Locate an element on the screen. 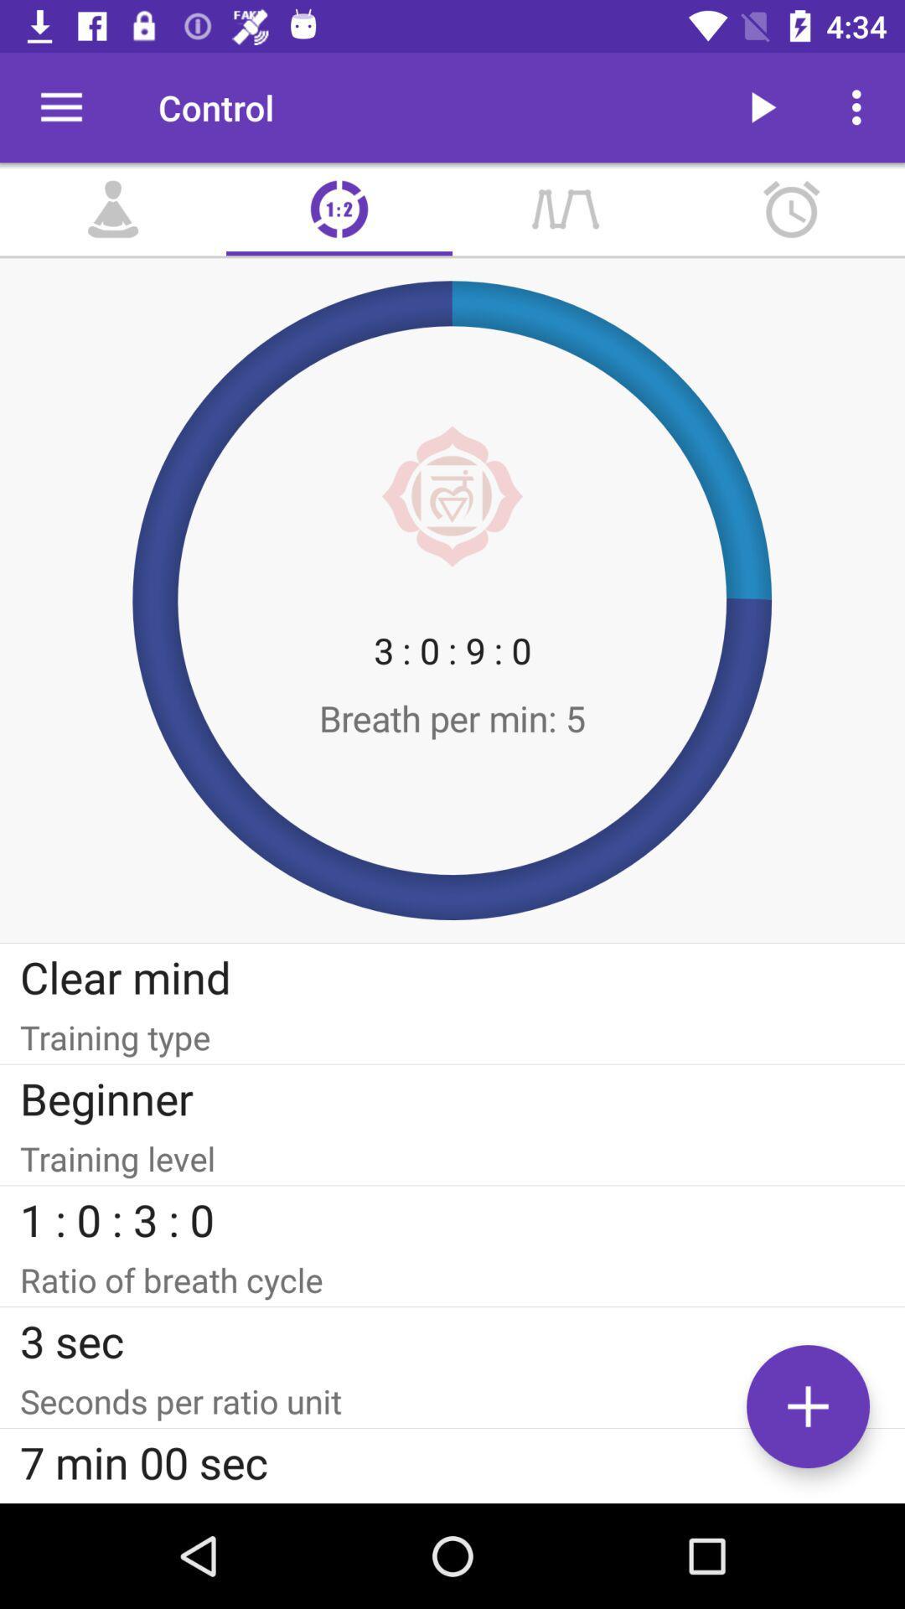 Image resolution: width=905 pixels, height=1609 pixels. item below training level icon is located at coordinates (452, 1219).